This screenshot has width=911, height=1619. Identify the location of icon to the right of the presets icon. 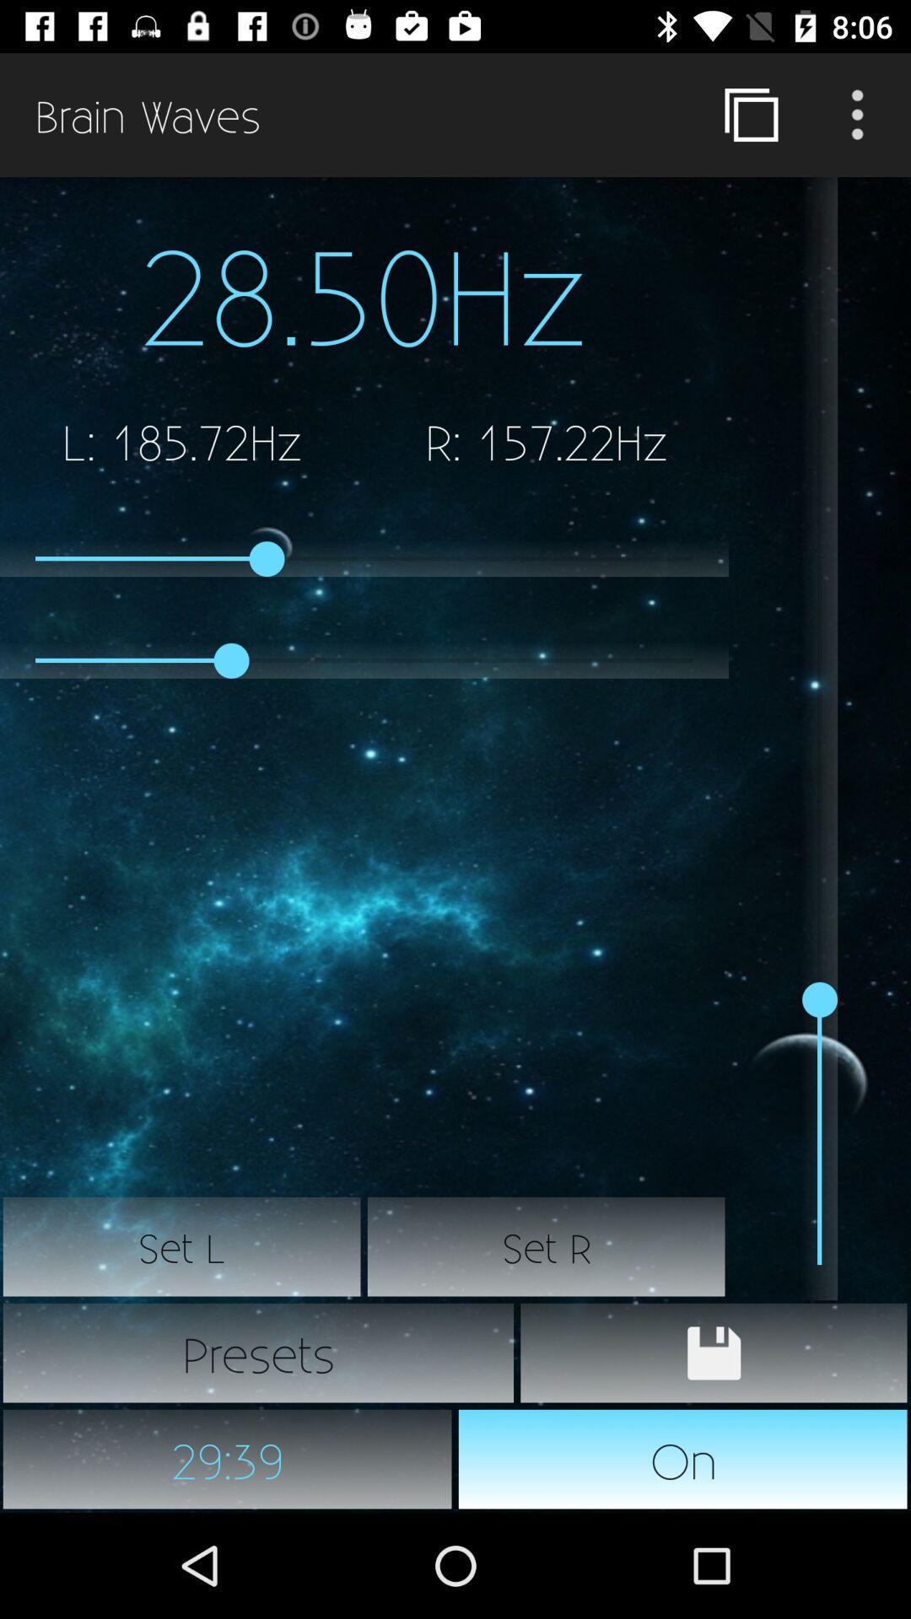
(714, 1353).